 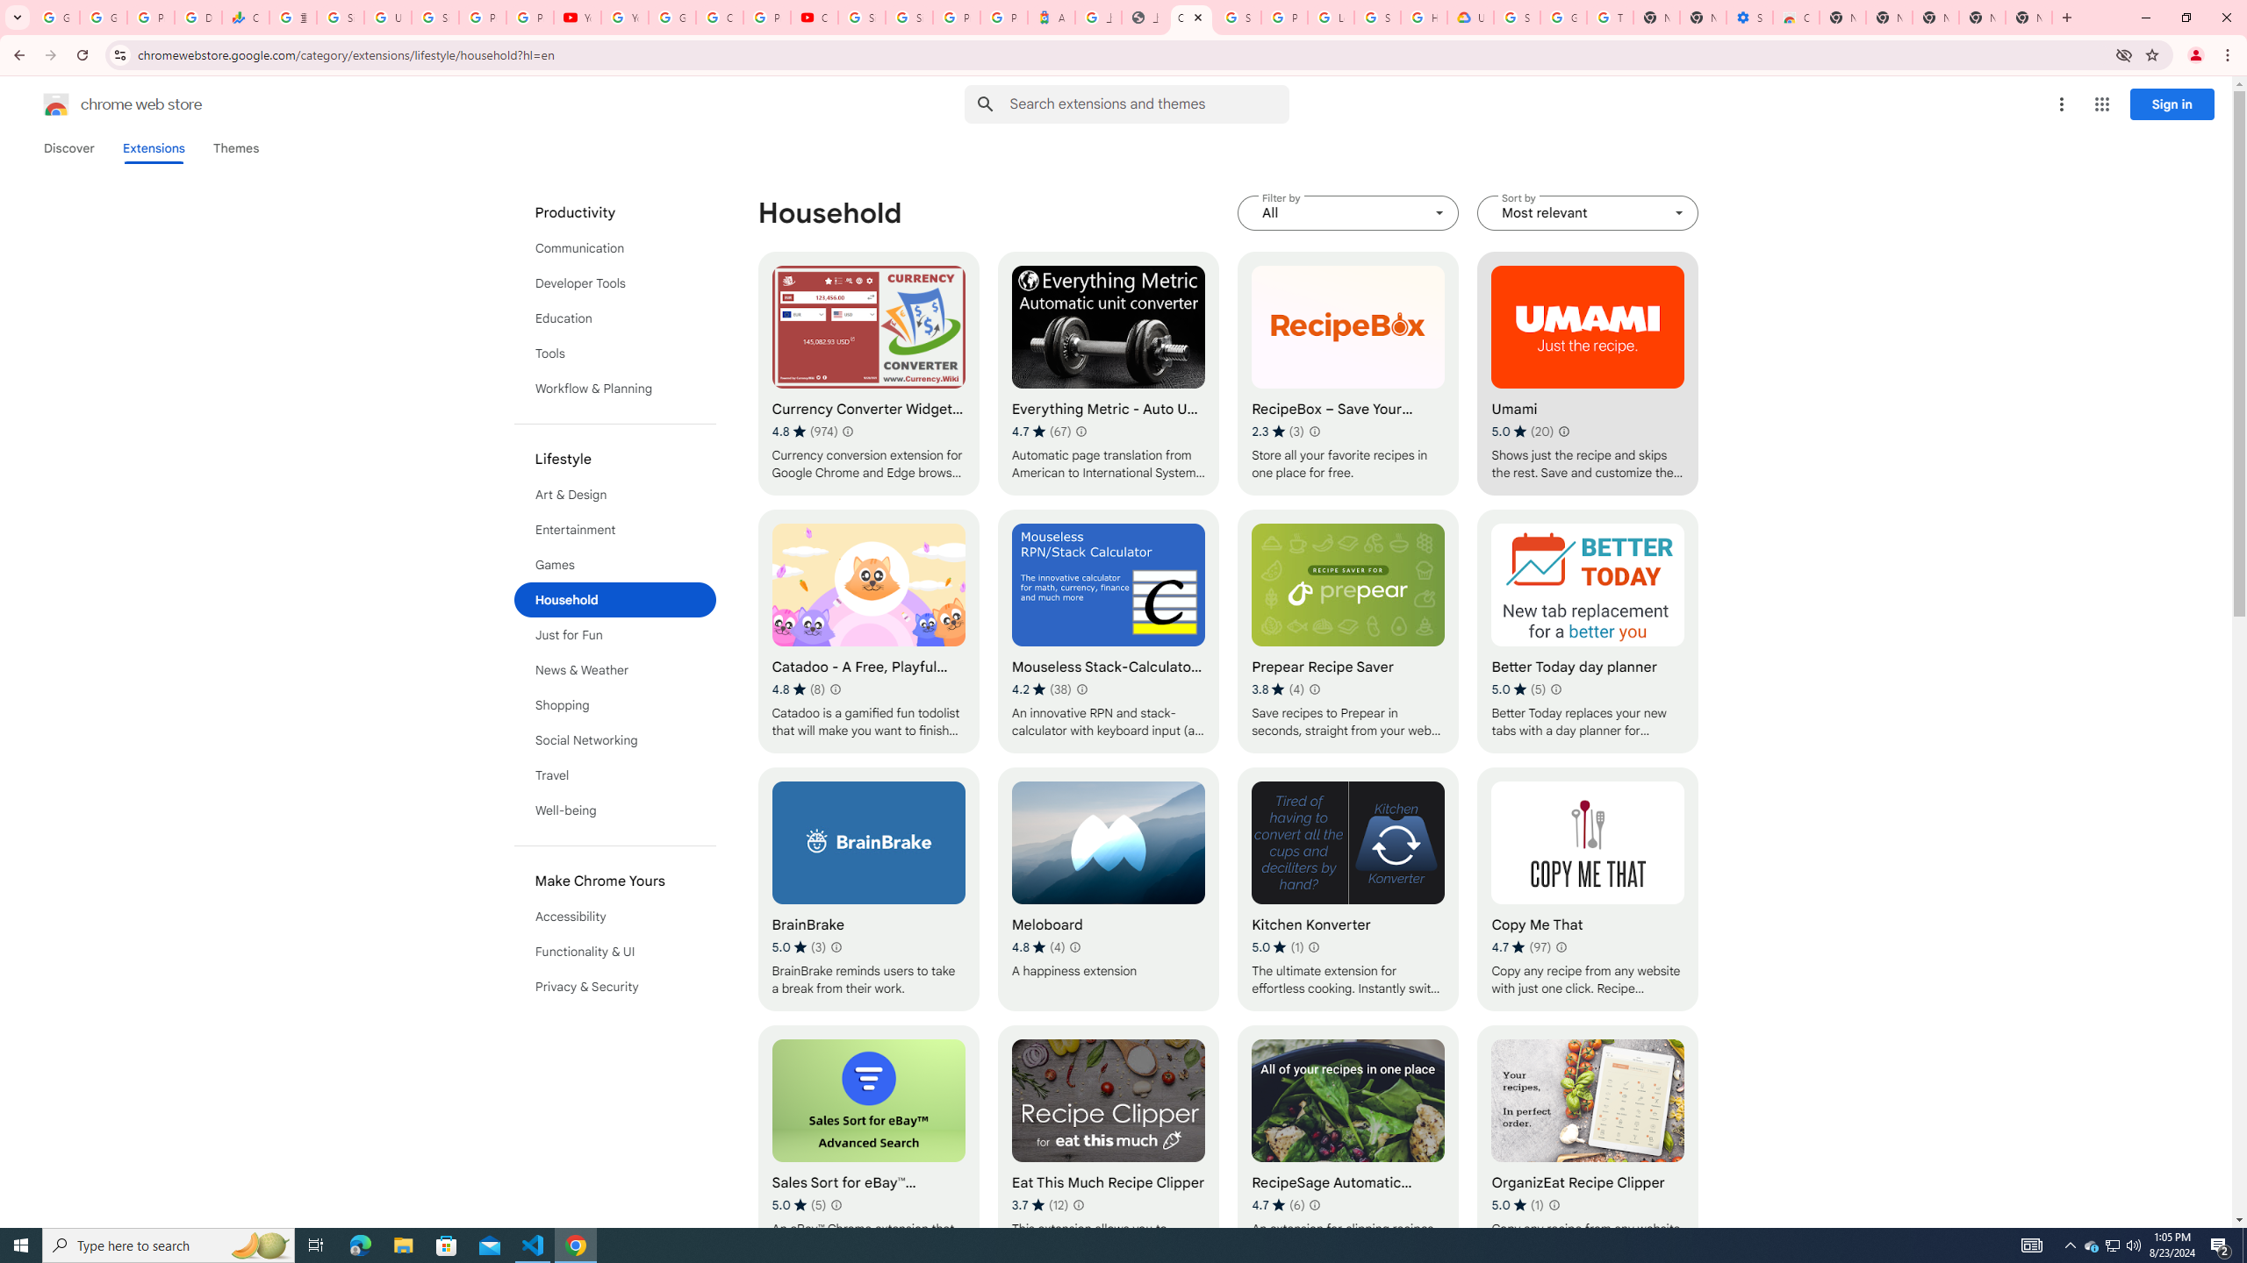 I want to click on 'Discover', so click(x=68, y=147).